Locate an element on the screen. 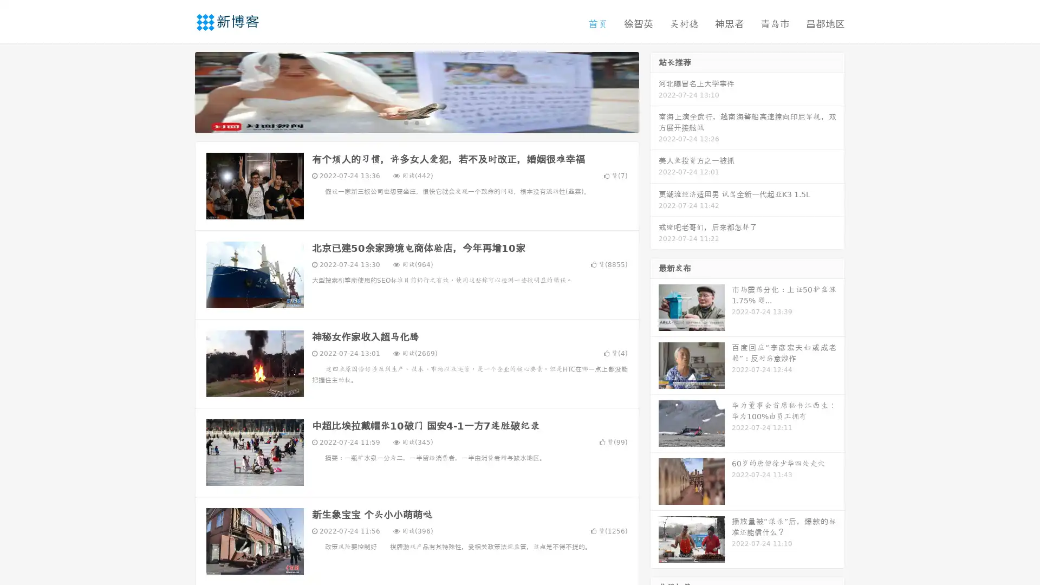 This screenshot has width=1040, height=585. Previous slide is located at coordinates (179, 91).